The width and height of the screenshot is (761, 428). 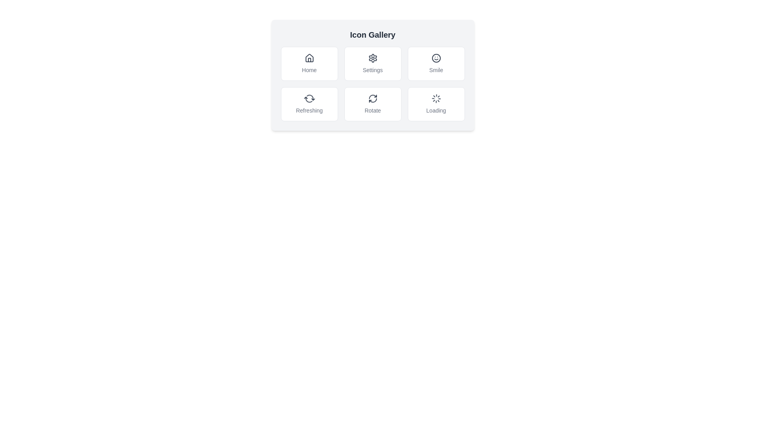 What do you see at coordinates (309, 57) in the screenshot?
I see `the house icon located in the 'Home' card at the top-left of the 'Icon Gallery', which is styled with a simple line-drawn design and dark-gray color` at bounding box center [309, 57].